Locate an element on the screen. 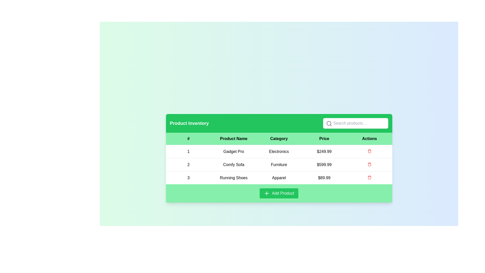 The width and height of the screenshot is (485, 273). the button located at the bottom of the product table, which allows users to add a new product to the inventory is located at coordinates (279, 193).